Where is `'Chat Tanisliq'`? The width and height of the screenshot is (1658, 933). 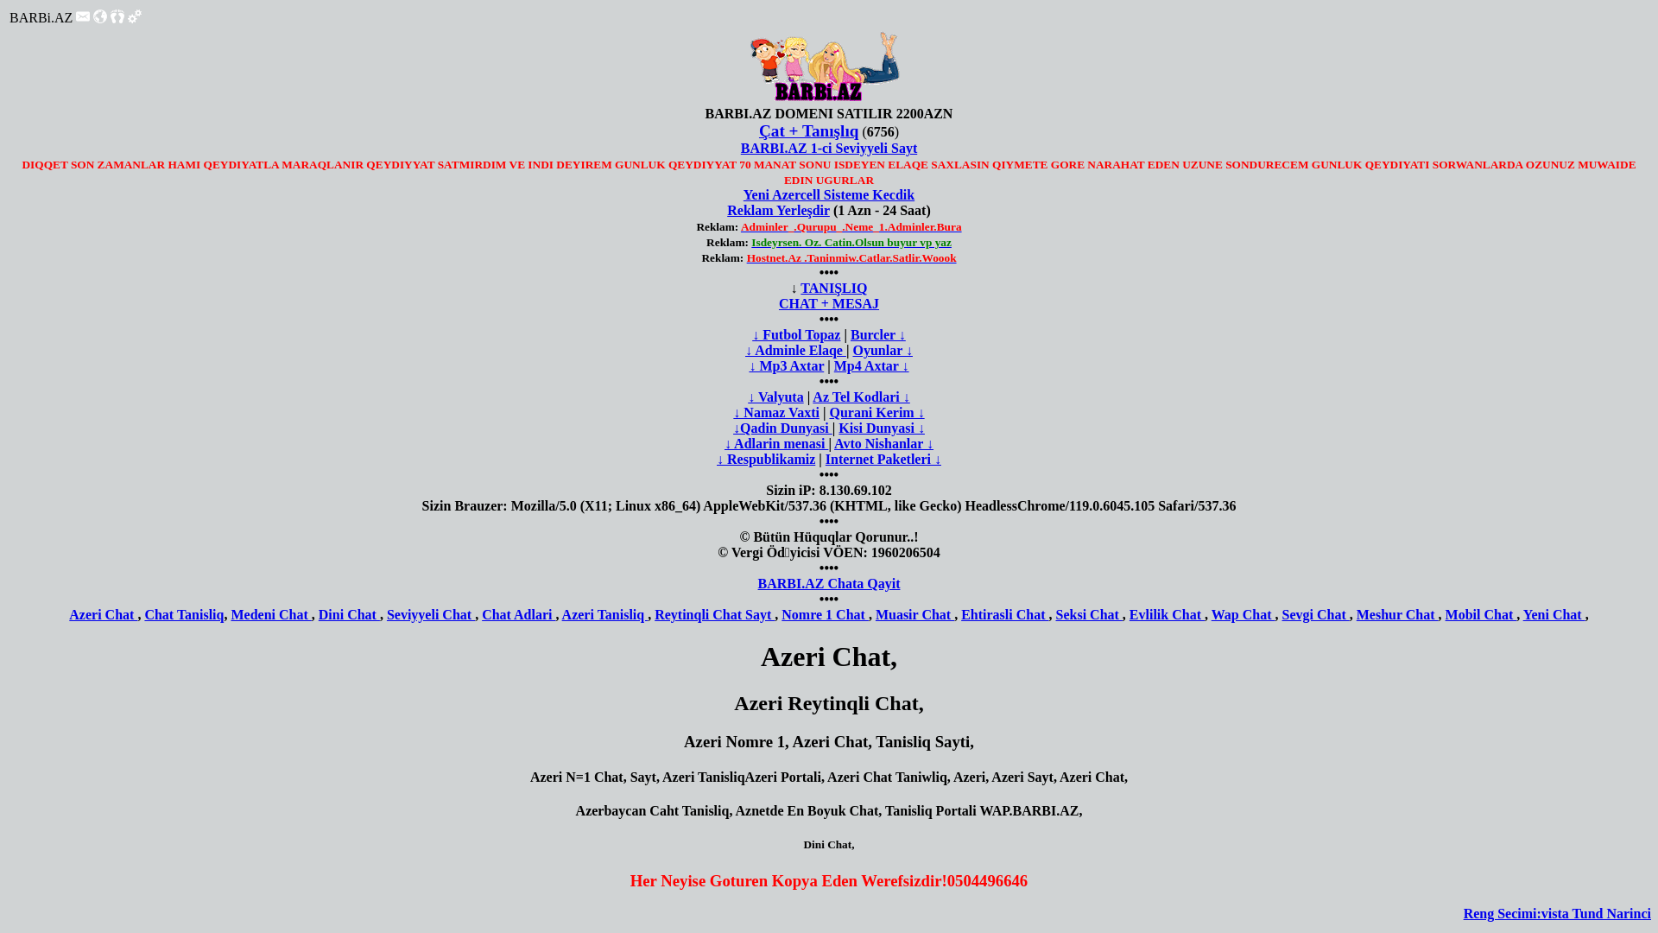
'Chat Tanisliq' is located at coordinates (183, 613).